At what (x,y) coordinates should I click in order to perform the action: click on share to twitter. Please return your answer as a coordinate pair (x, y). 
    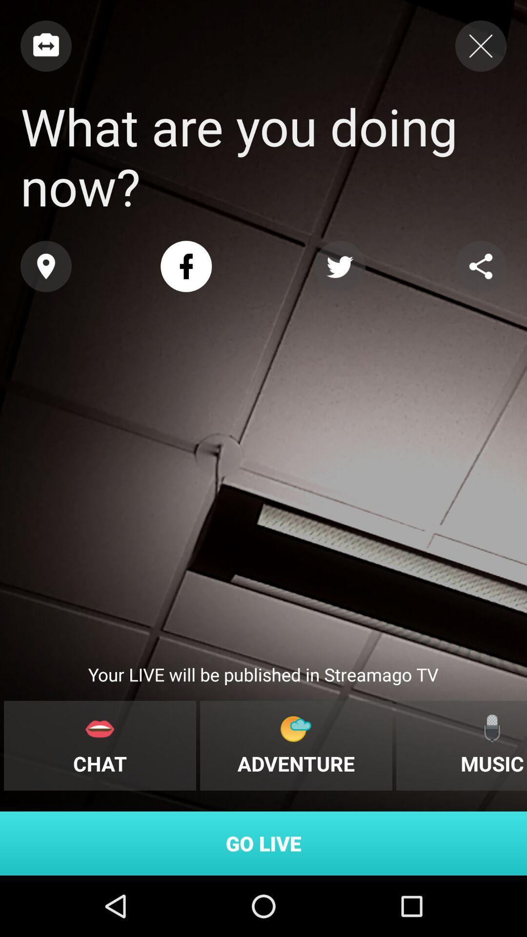
    Looking at the image, I should click on (339, 266).